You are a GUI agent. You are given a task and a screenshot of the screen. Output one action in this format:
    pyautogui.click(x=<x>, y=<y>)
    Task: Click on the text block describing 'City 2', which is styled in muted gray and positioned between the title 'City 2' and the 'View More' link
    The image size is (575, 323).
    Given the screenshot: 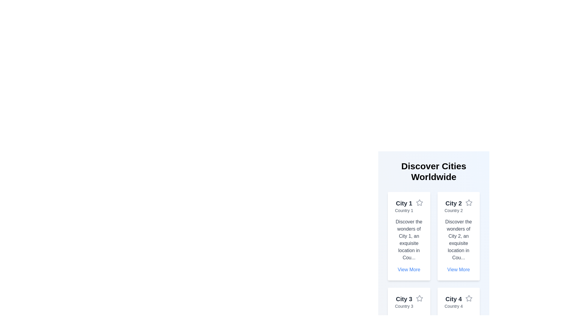 What is the action you would take?
    pyautogui.click(x=458, y=240)
    